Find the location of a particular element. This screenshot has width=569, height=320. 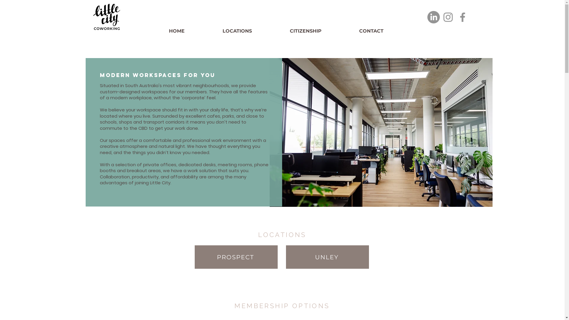

'UNLEY' is located at coordinates (327, 257).